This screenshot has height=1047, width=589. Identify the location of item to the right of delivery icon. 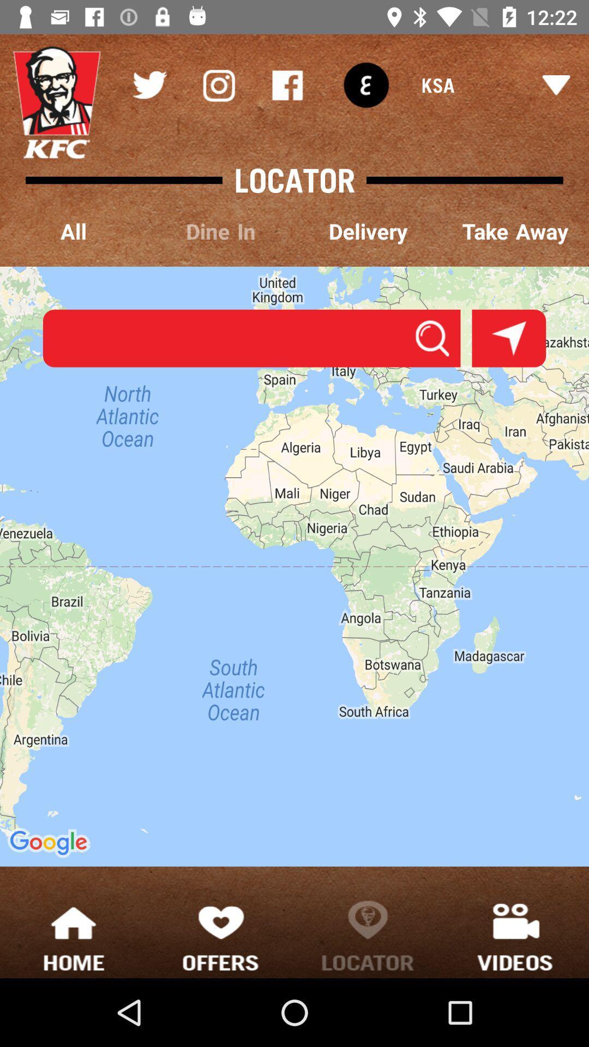
(515, 232).